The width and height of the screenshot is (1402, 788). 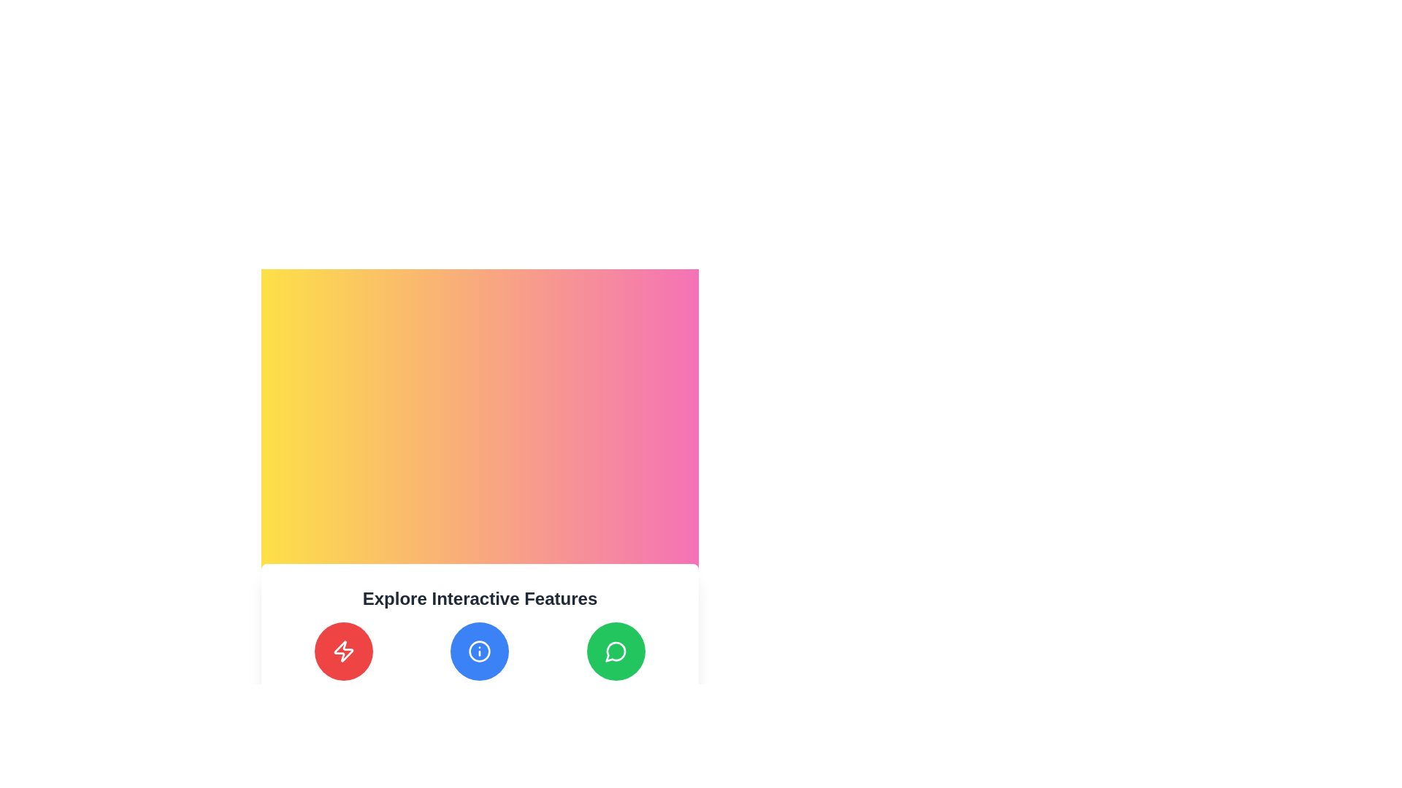 What do you see at coordinates (616, 651) in the screenshot?
I see `the circular icon button resembling a speech bubble, styled in white against a green circular background, located at the bottom right of a horizontal row of three buttons` at bounding box center [616, 651].